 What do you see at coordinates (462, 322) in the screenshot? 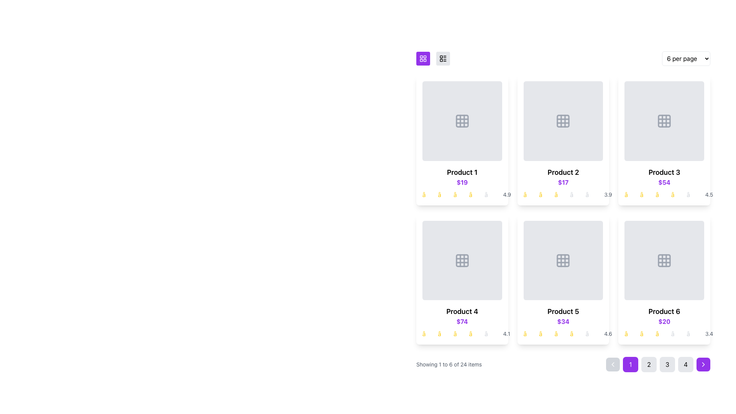
I see `price label displaying '$74' in bold purple font located below 'Product 4' and above the star ratings in the fourth product card` at bounding box center [462, 322].